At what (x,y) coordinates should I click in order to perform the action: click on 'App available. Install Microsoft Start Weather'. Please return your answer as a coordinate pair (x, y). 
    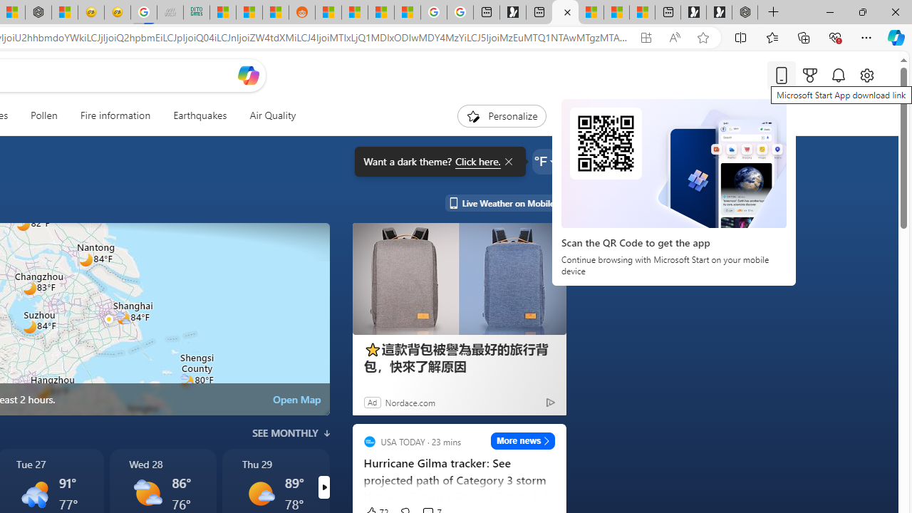
    Looking at the image, I should click on (645, 37).